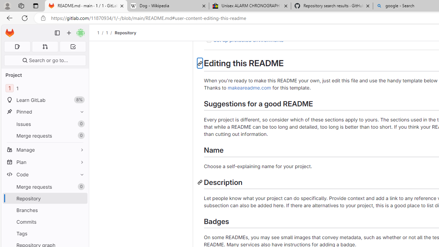  Describe the element at coordinates (45, 187) in the screenshot. I see `'Merge requests0'` at that location.